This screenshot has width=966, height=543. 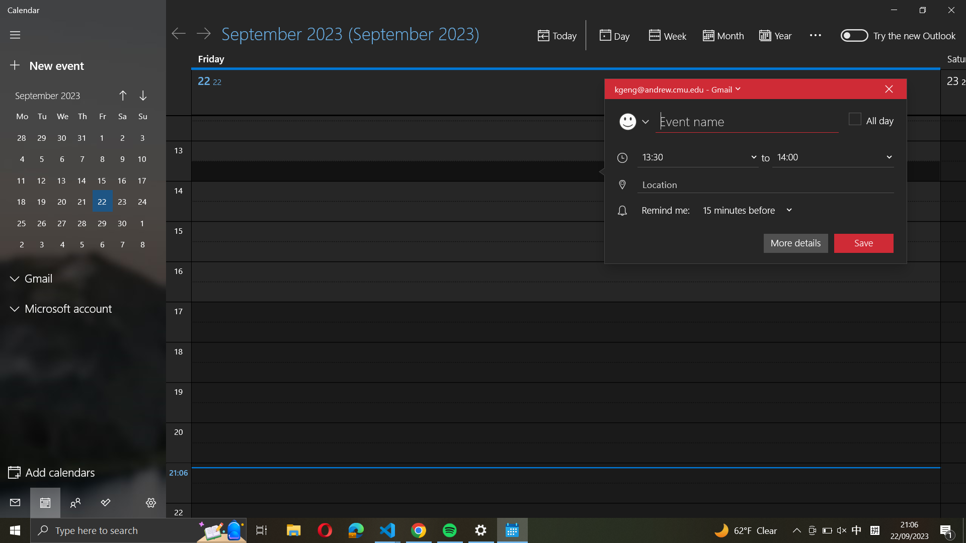 I want to click on see all email address affiliated to an event, so click(x=676, y=88).